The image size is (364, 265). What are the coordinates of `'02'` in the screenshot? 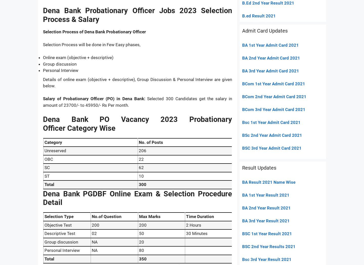 It's located at (94, 233).